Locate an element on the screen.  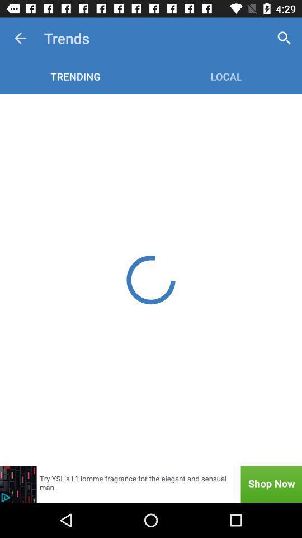
the item next to trends app is located at coordinates (284, 38).